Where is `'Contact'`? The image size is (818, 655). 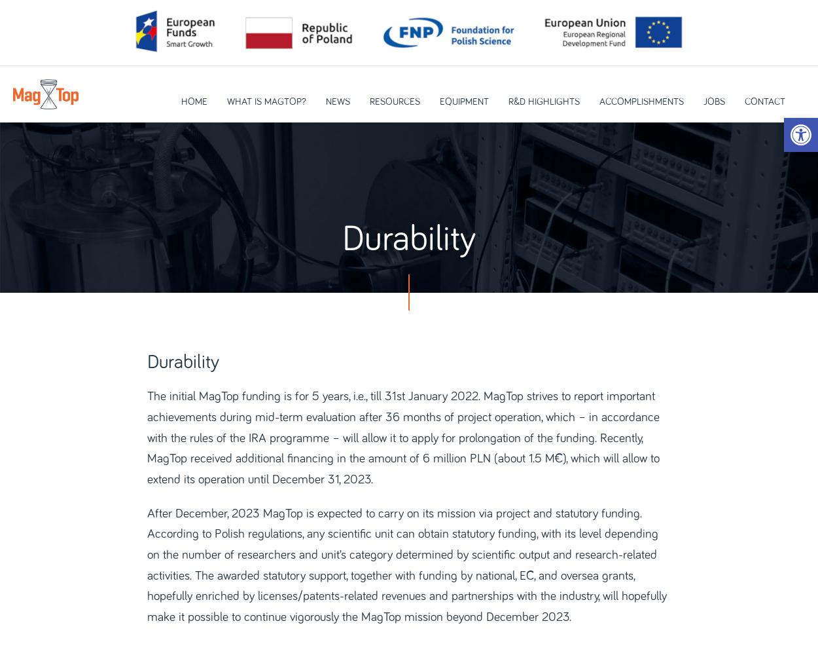
'Contact' is located at coordinates (764, 102).